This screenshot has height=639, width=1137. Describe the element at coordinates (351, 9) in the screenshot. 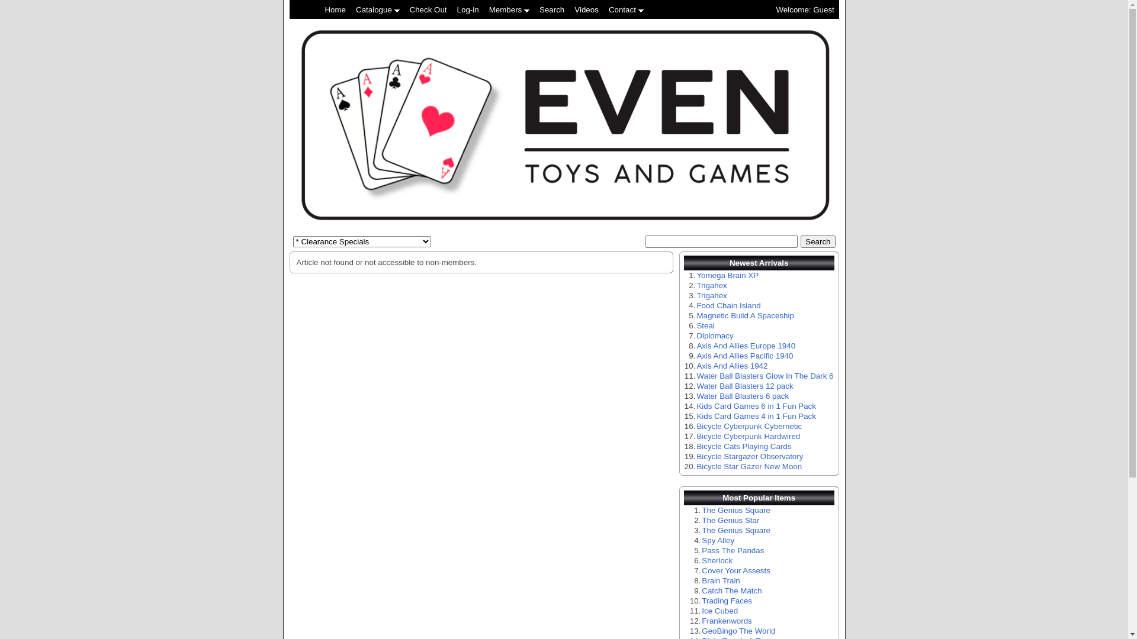

I see `'Catalogue'` at that location.